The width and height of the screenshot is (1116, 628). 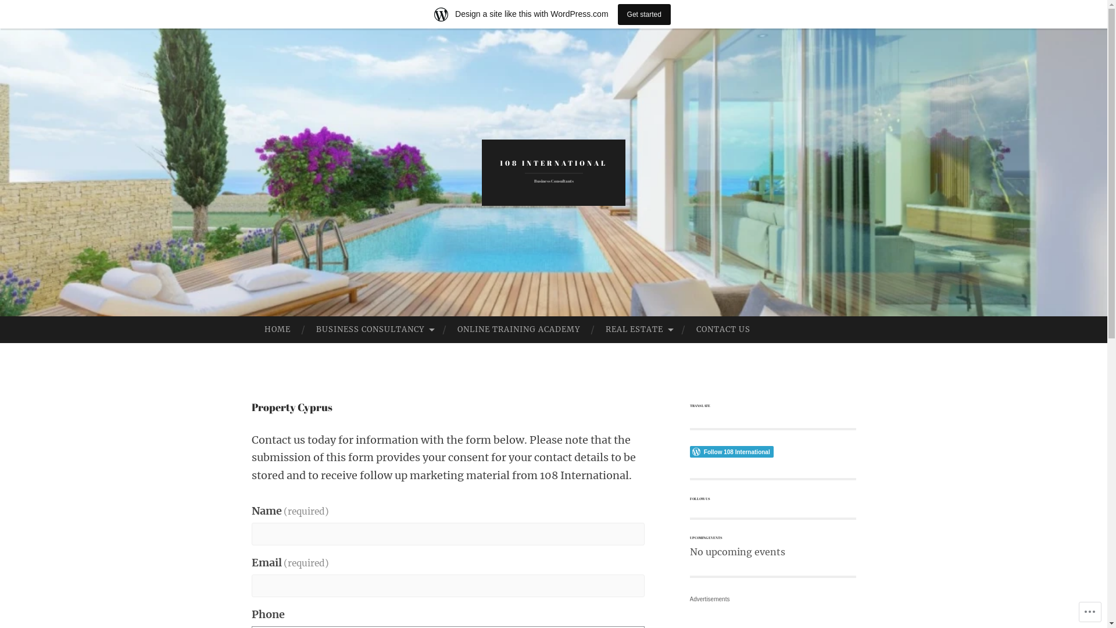 What do you see at coordinates (643, 13) in the screenshot?
I see `'Get started'` at bounding box center [643, 13].